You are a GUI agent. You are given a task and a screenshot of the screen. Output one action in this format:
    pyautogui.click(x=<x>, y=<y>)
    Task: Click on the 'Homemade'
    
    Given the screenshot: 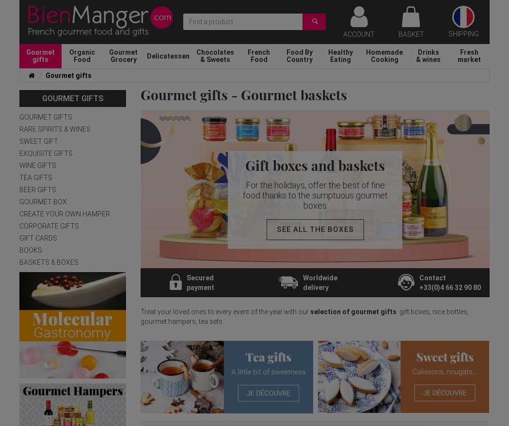 What is the action you would take?
    pyautogui.click(x=366, y=51)
    